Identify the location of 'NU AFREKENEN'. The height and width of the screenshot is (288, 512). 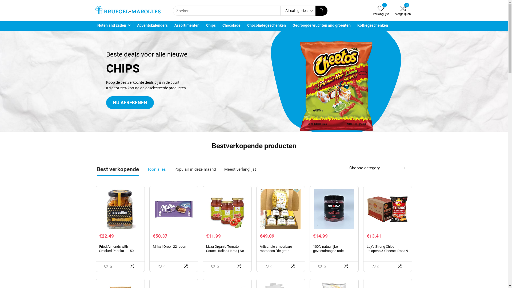
(130, 103).